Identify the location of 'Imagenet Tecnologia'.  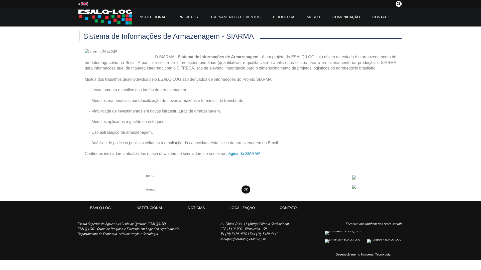
(376, 254).